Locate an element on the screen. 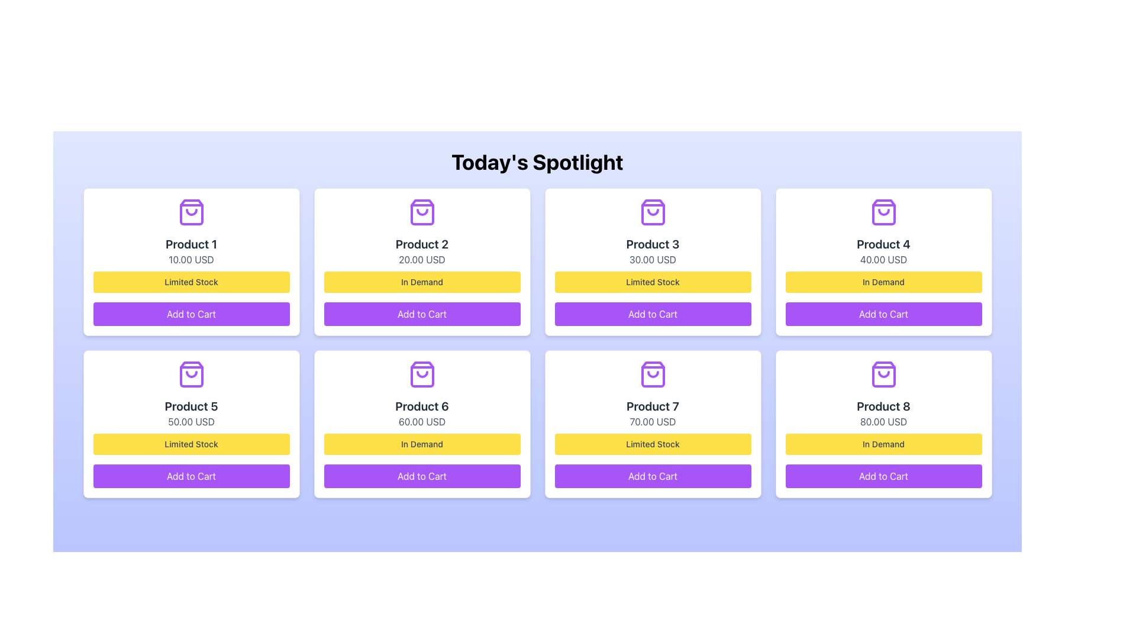 Image resolution: width=1136 pixels, height=639 pixels. the purple shopping bag icon located at the top center of the 'Product 1' card, positioned above the product title is located at coordinates (191, 211).